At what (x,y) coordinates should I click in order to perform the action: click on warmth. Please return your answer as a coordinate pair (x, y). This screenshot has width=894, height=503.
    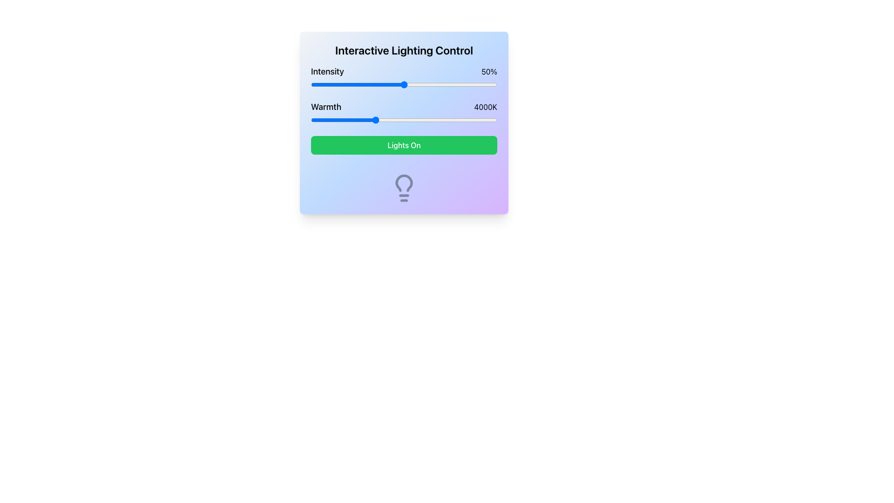
    Looking at the image, I should click on (487, 120).